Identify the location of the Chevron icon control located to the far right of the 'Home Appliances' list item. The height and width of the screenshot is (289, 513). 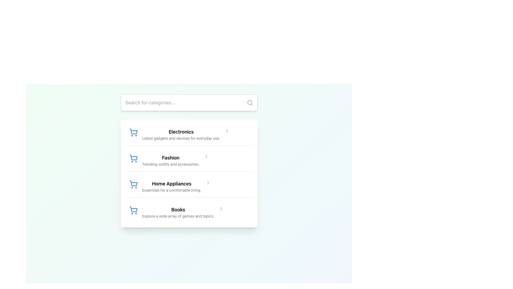
(208, 182).